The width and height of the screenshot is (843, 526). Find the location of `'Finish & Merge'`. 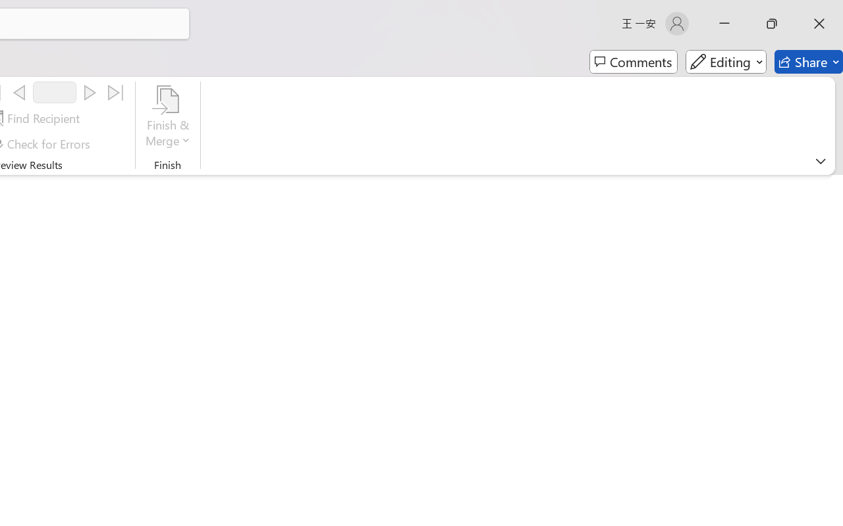

'Finish & Merge' is located at coordinates (167, 118).